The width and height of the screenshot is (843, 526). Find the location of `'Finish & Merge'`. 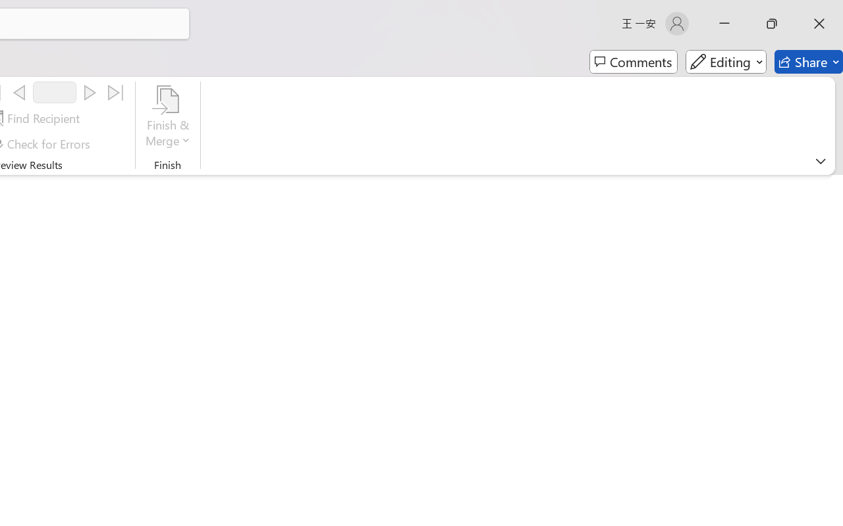

'Finish & Merge' is located at coordinates (167, 118).